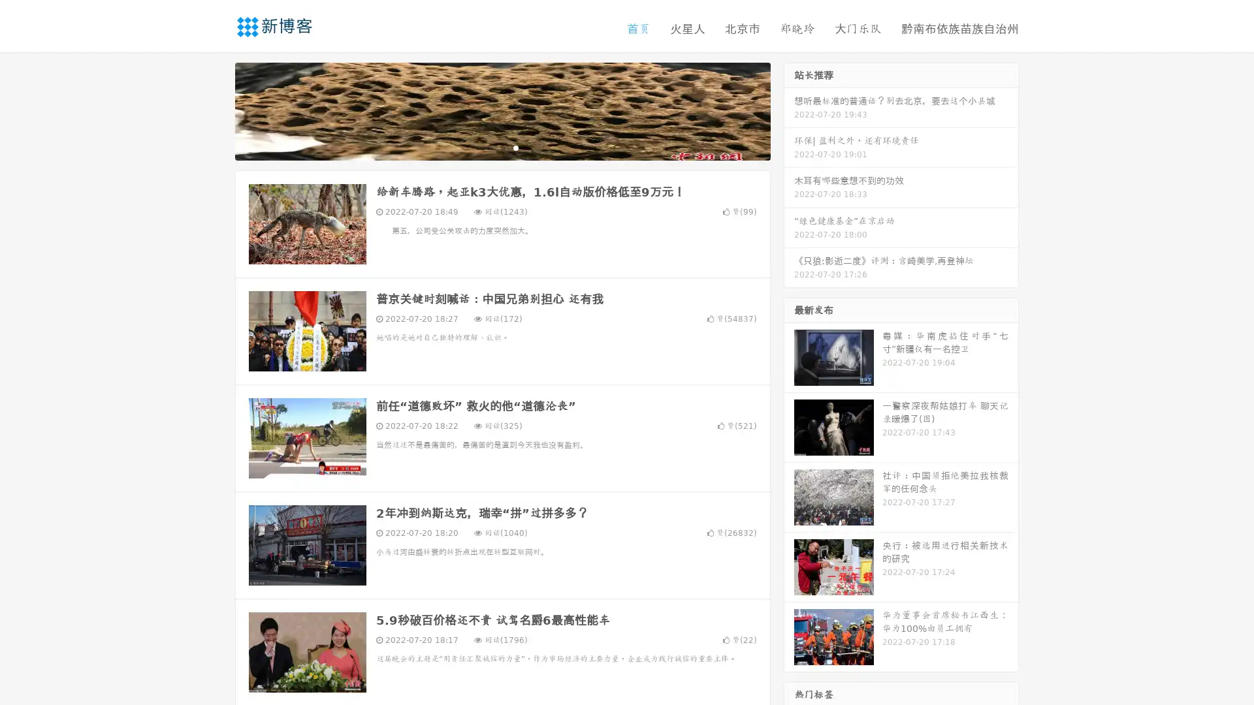 The height and width of the screenshot is (705, 1254). I want to click on Go to slide 3, so click(515, 147).